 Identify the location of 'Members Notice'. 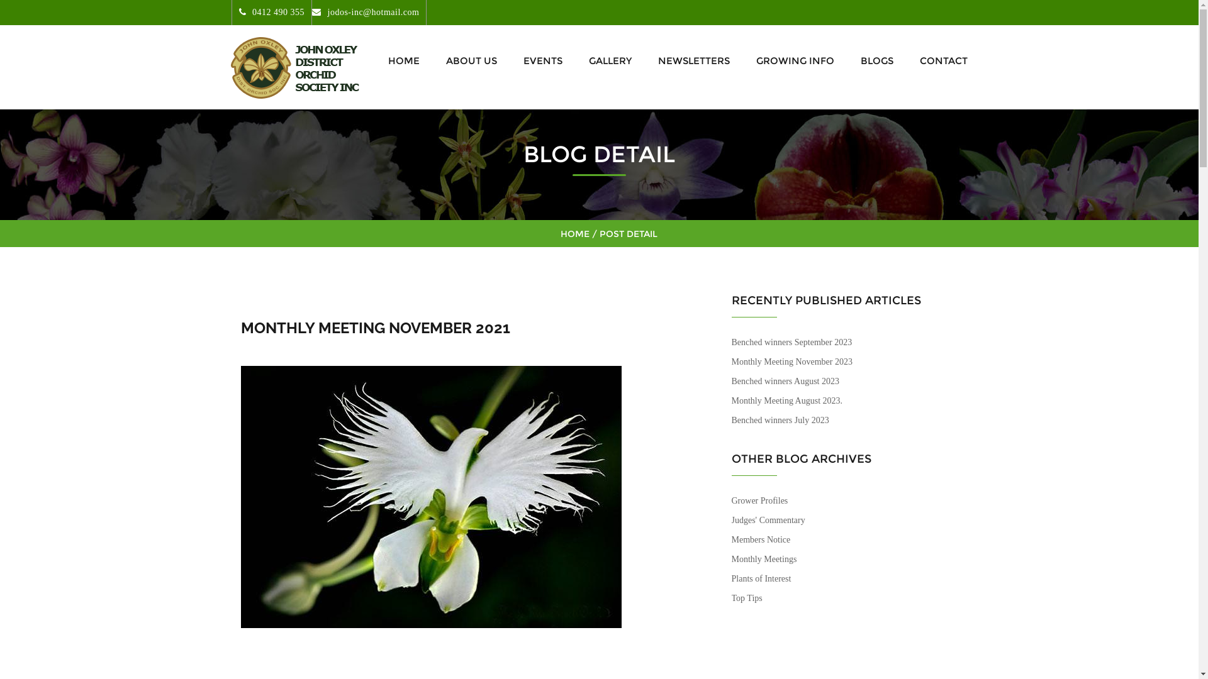
(760, 539).